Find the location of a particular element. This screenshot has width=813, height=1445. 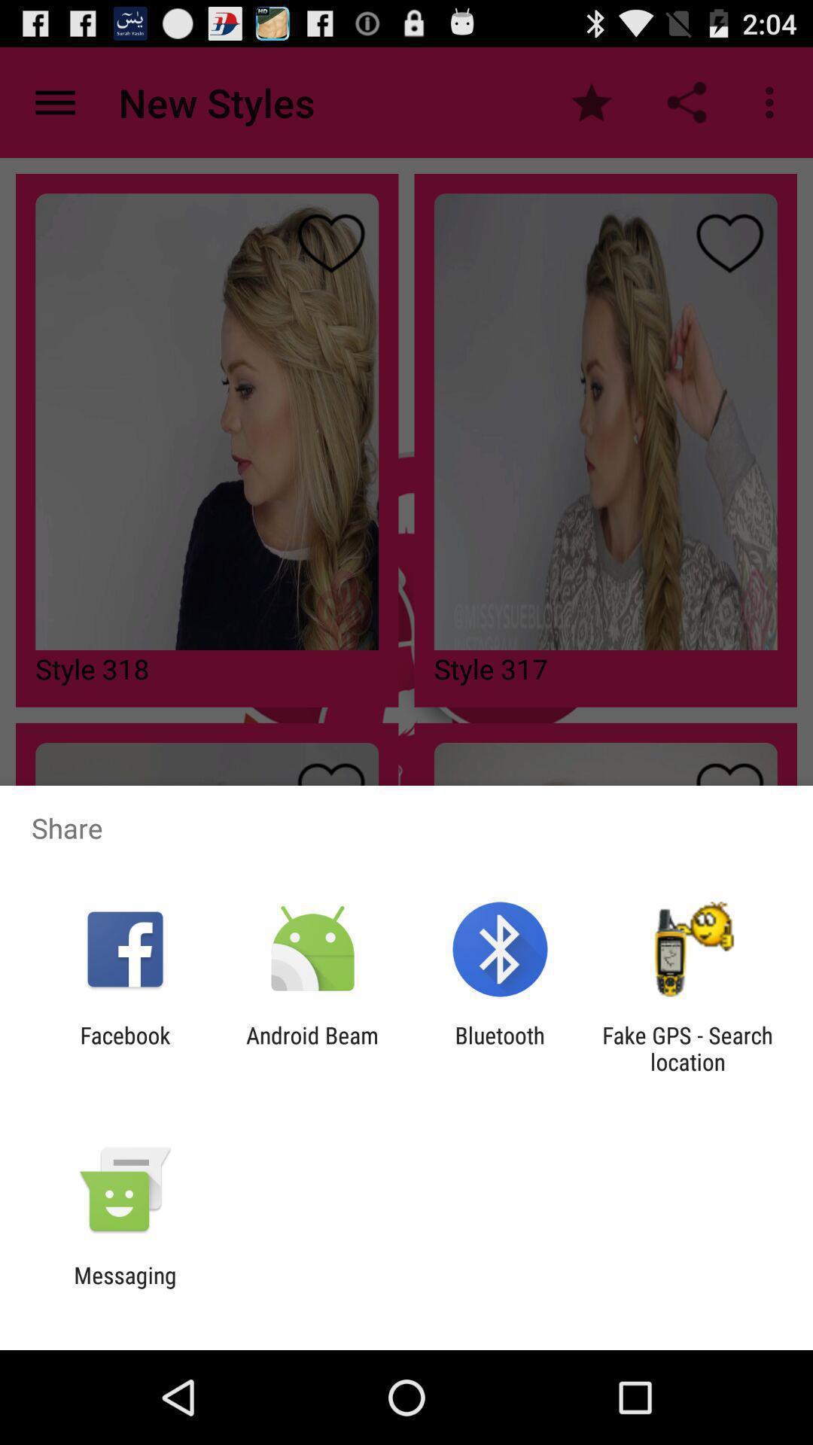

the item to the right of the android beam item is located at coordinates (500, 1048).